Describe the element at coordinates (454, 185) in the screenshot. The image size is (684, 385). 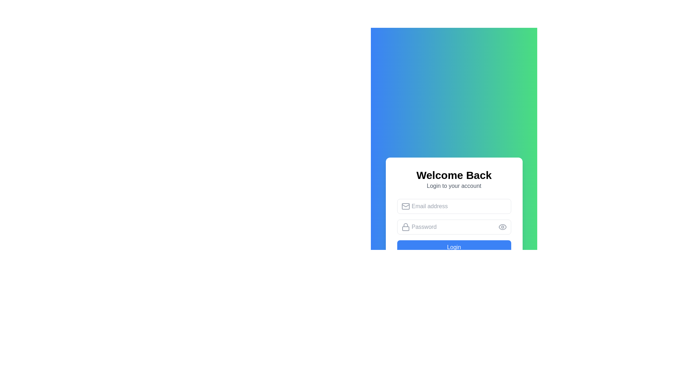
I see `the textual label that says 'Login to your account', which is styled in gray and positioned below the 'Welcome Back' heading` at that location.